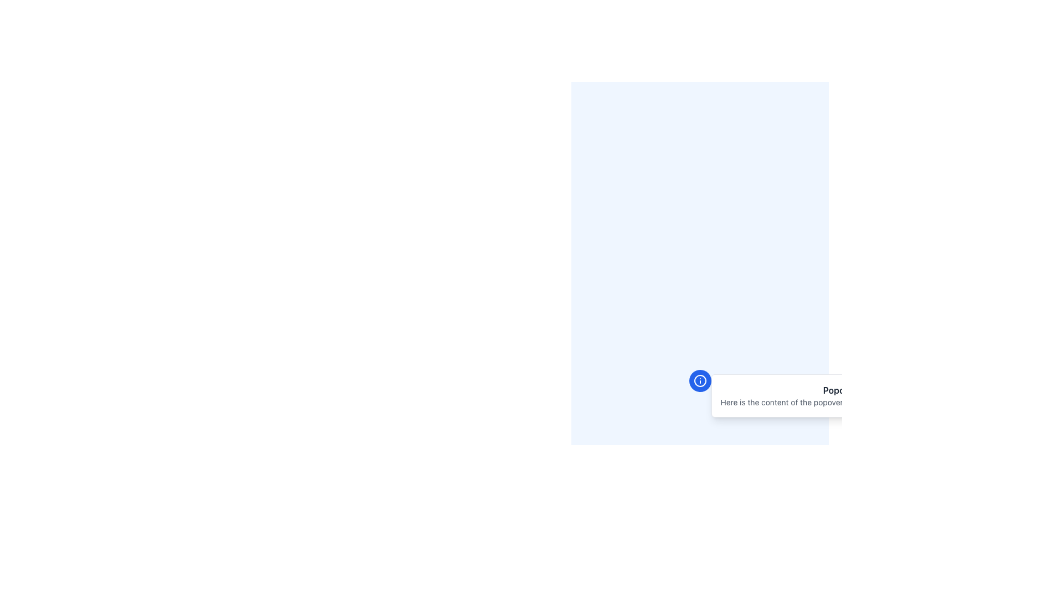  What do you see at coordinates (699, 380) in the screenshot?
I see `the circular icon with a blue background and white border, featuring an information symbol ('i') in white, located within the popover toggle button at the bottom-right region of the interface` at bounding box center [699, 380].